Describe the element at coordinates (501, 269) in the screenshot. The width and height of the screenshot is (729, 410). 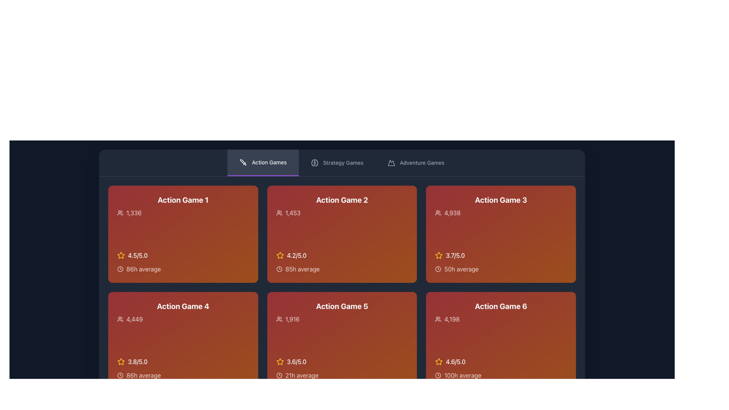
I see `textual component displaying '50h average' located at the bottom-right of the 'Action Game 3' card, which is preceded by a clock icon` at that location.